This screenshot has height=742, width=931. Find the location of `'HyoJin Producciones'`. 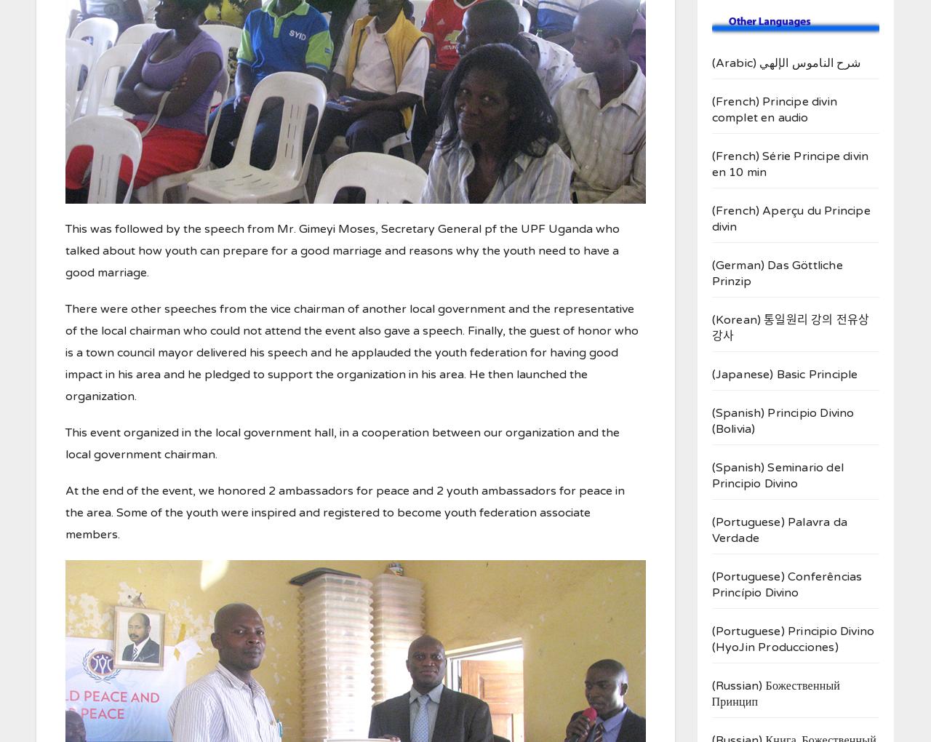

'HyoJin Producciones' is located at coordinates (715, 646).